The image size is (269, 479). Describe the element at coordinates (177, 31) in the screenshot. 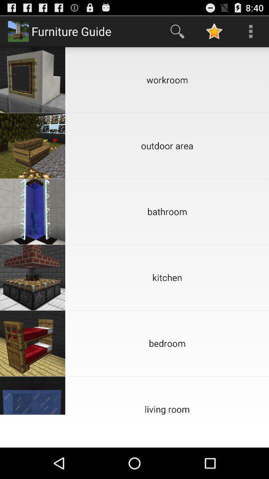

I see `icon to the right of the furniture guide icon` at that location.